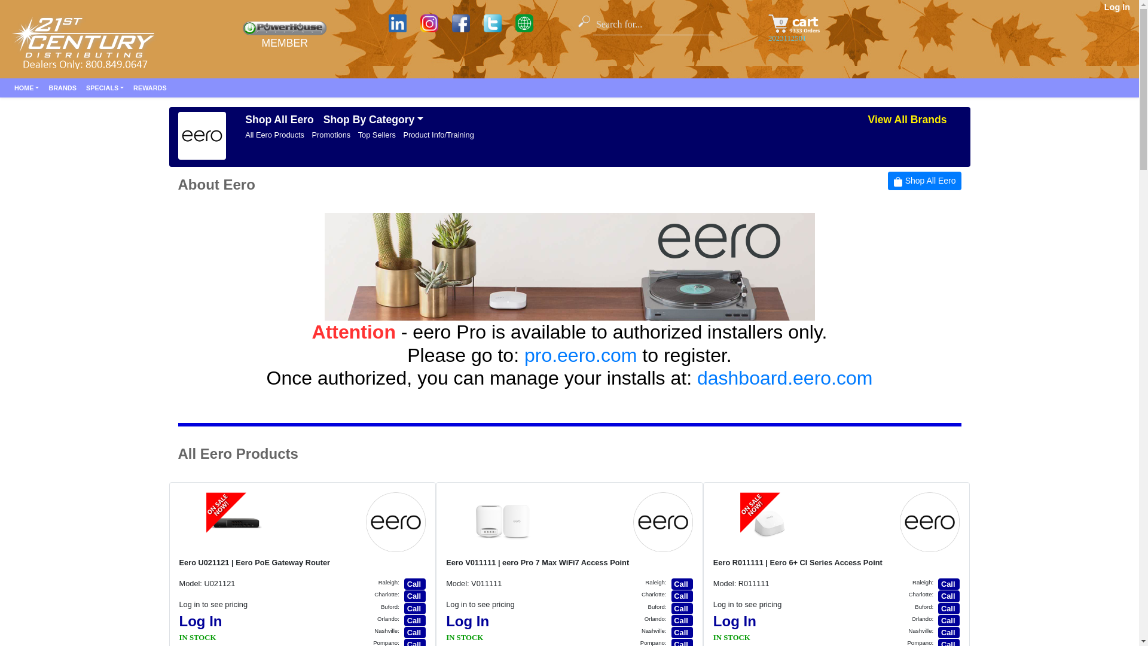 Image resolution: width=1148 pixels, height=646 pixels. What do you see at coordinates (467, 620) in the screenshot?
I see `'Log In'` at bounding box center [467, 620].